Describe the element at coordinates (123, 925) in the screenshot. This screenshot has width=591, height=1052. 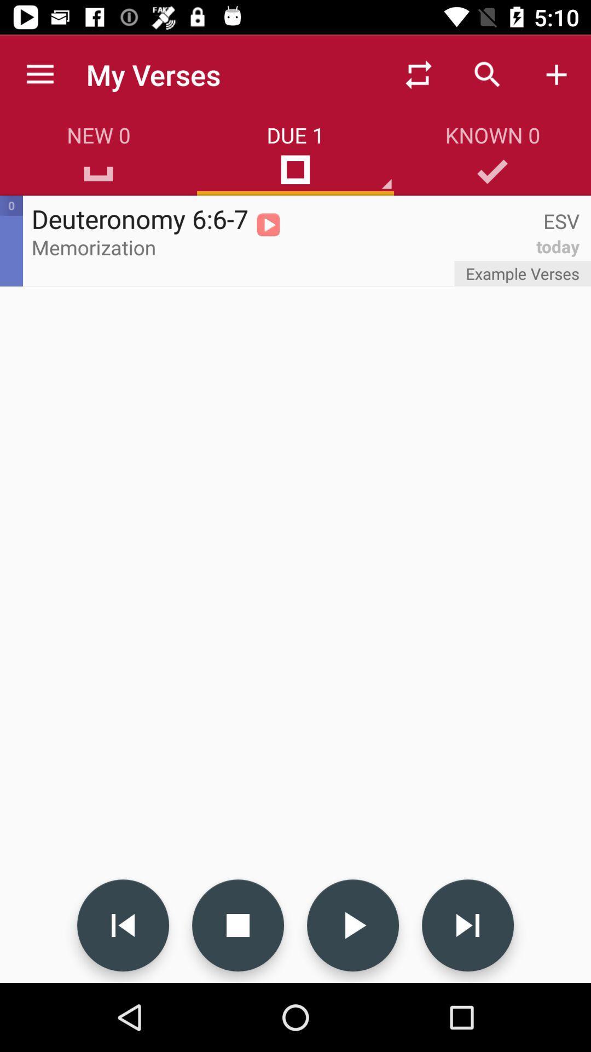
I see `the skip_previous icon` at that location.